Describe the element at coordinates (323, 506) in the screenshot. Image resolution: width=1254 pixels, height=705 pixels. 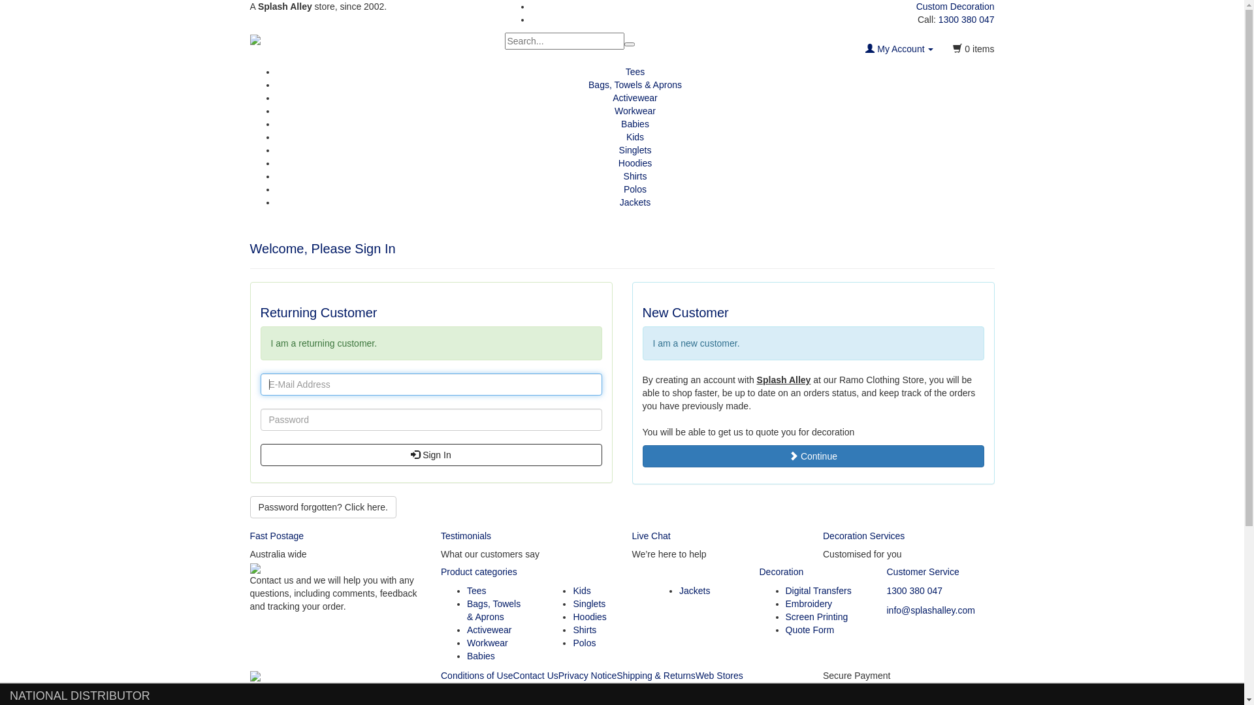
I see `'Password forgotten? Click here.'` at that location.